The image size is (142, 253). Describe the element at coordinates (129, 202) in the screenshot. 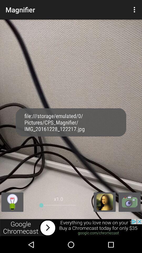

I see `open camera` at that location.